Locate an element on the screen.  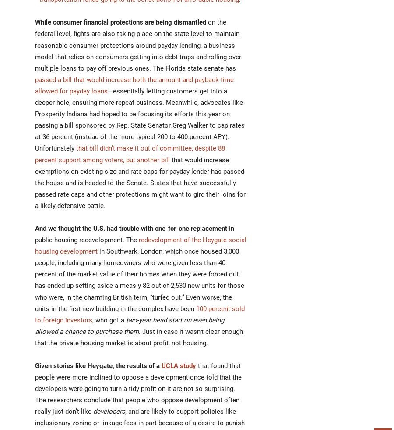
'Given stories like Heygate, the results of a' is located at coordinates (35, 365).